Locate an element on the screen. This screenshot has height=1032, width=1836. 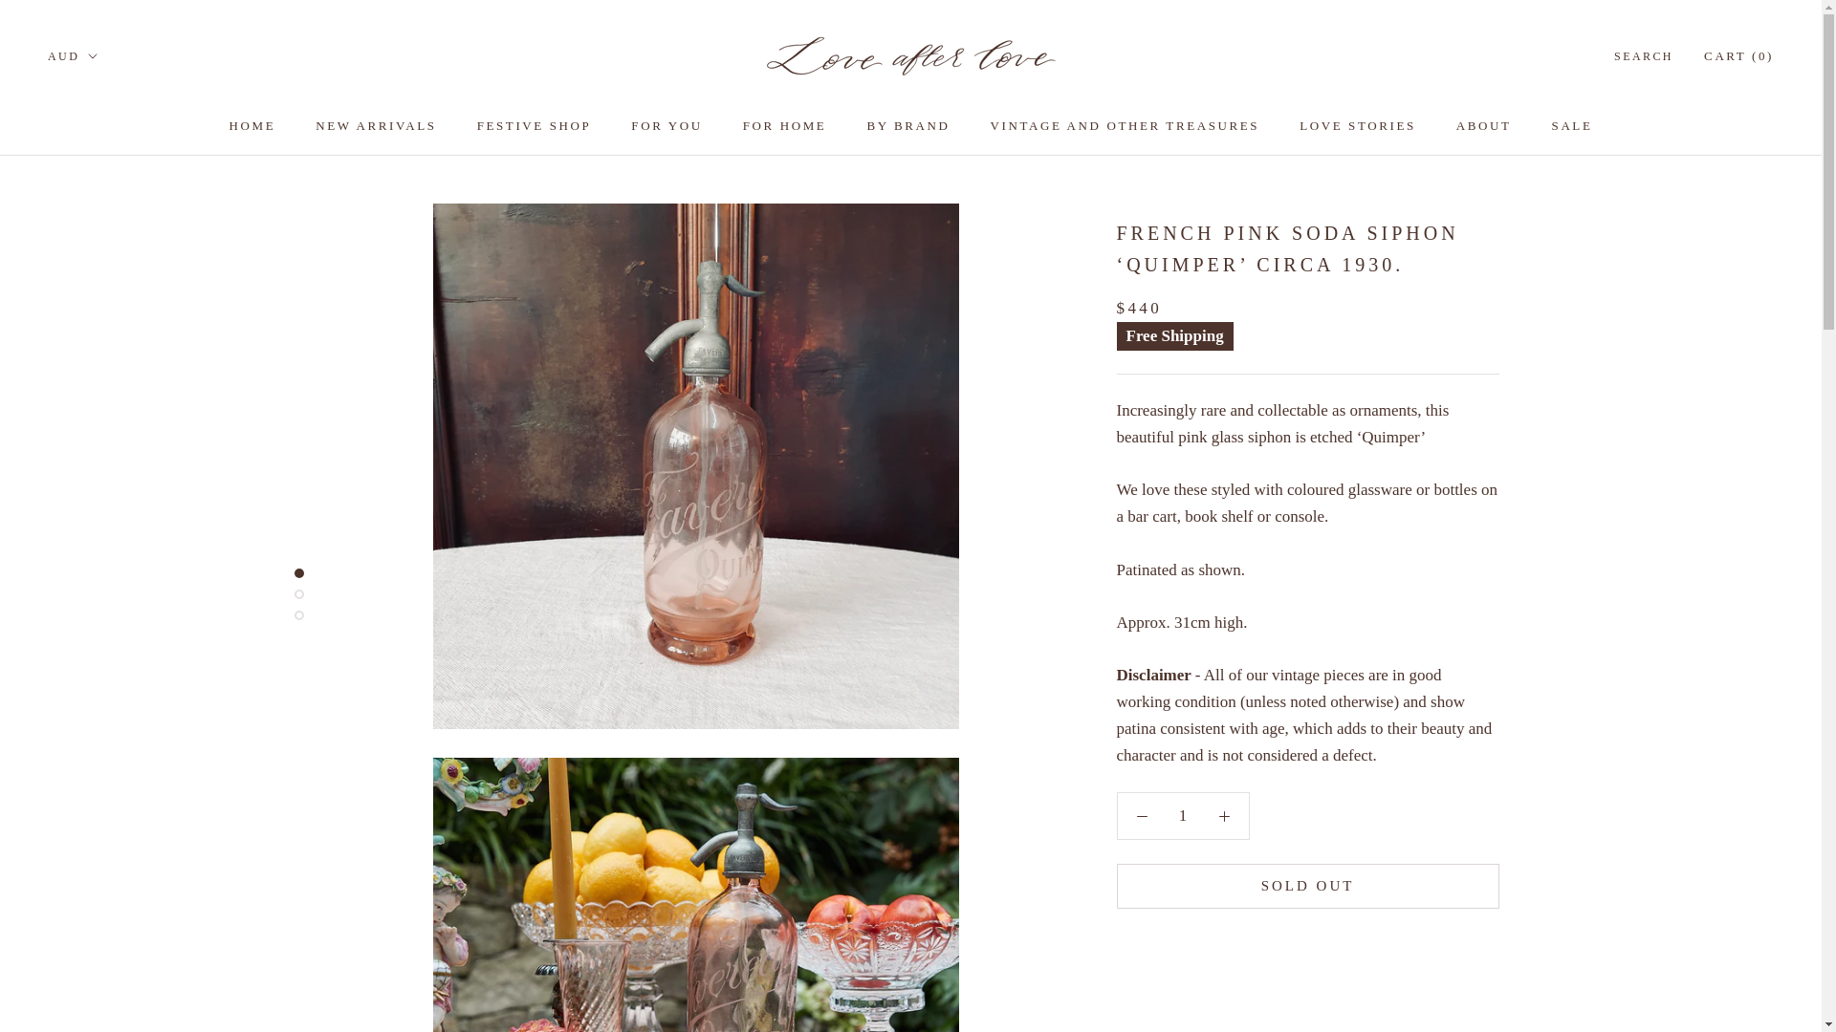
'NEW ARRIVALS is located at coordinates (376, 125).